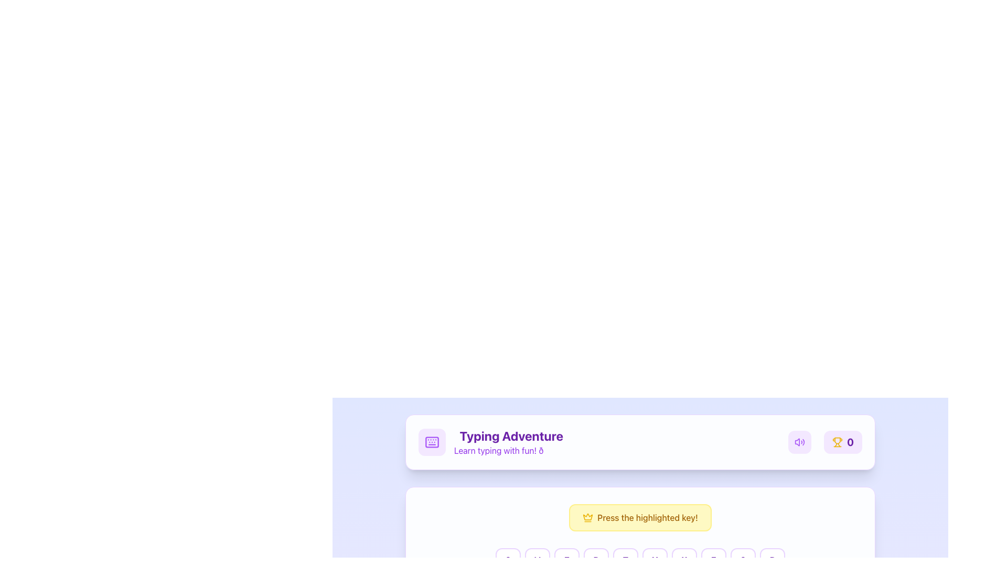 The height and width of the screenshot is (566, 1007). I want to click on the static text label or banner that contains the message 'Press the highlighted key!' and features a crown icon on the left side, so click(639, 517).